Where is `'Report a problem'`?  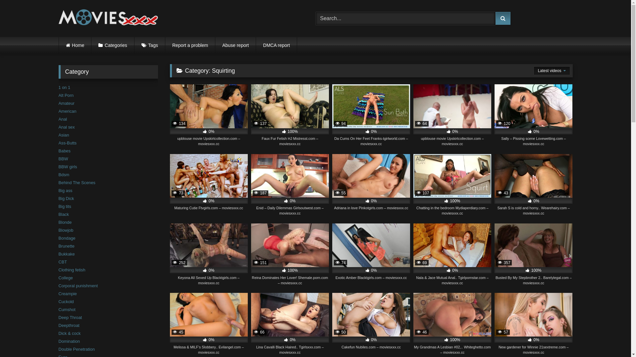
'Report a problem' is located at coordinates (190, 45).